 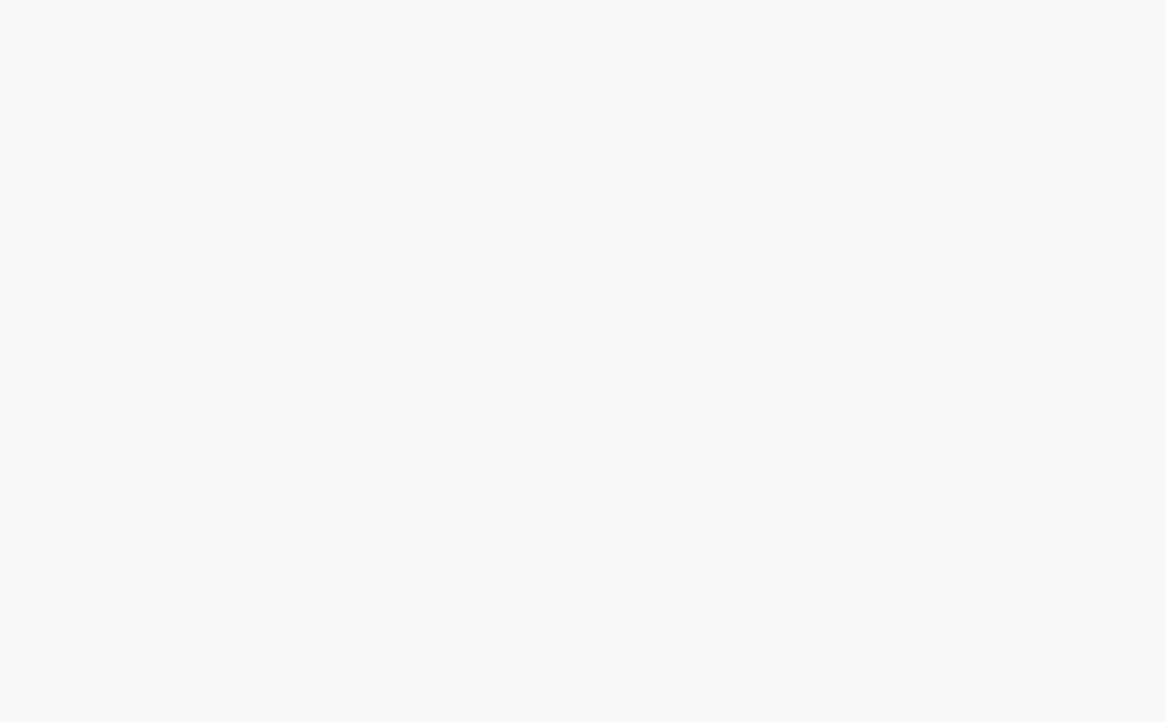 I want to click on 'New Year's BookBub Run - #bookfest #booksale  #newauthors #newbooks #newreads #giveaway', so click(x=876, y=330).